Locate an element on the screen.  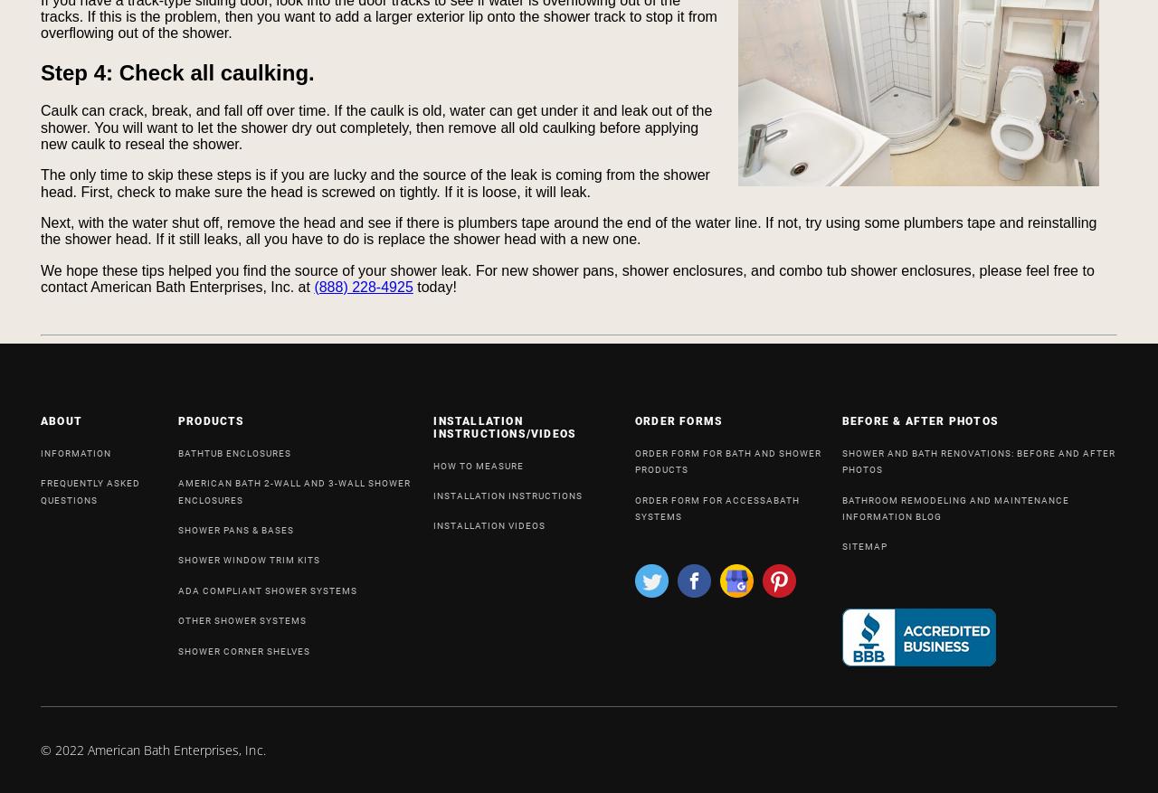
'© 2022 American Bath Enterprises, Inc.' is located at coordinates (152, 750).